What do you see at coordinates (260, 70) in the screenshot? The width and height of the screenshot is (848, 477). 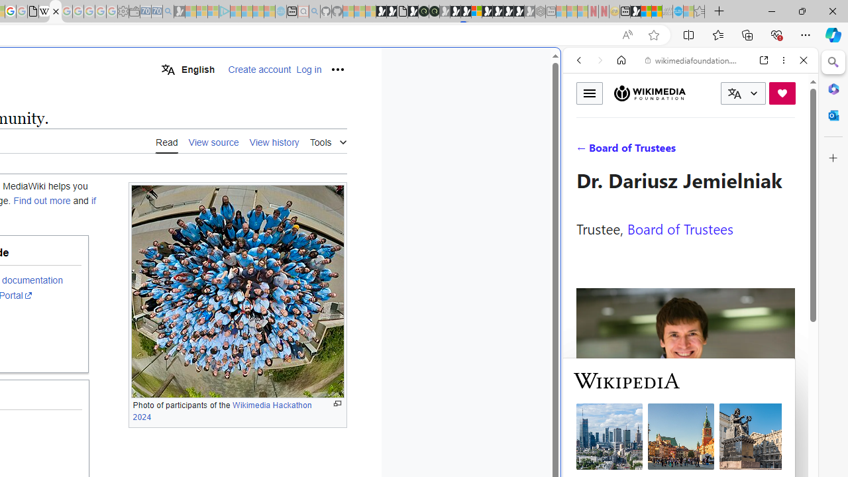 I see `'Create account'` at bounding box center [260, 70].